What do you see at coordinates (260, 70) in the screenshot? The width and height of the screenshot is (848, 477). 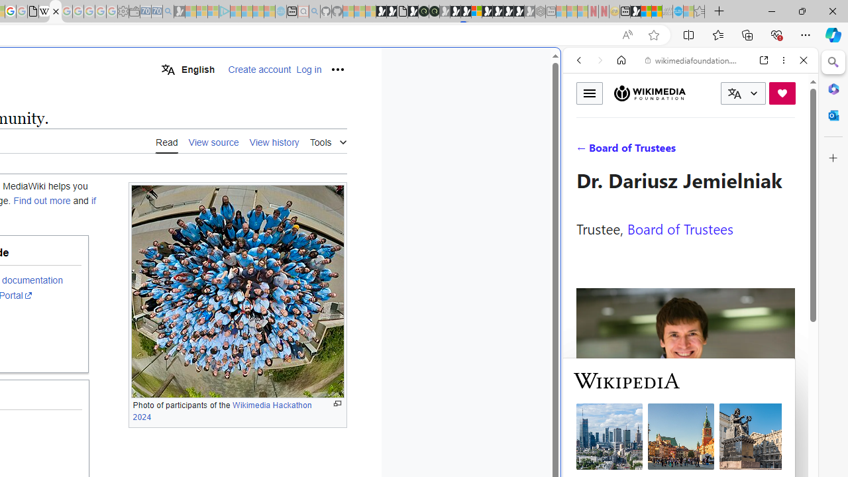 I see `'Create account'` at bounding box center [260, 70].